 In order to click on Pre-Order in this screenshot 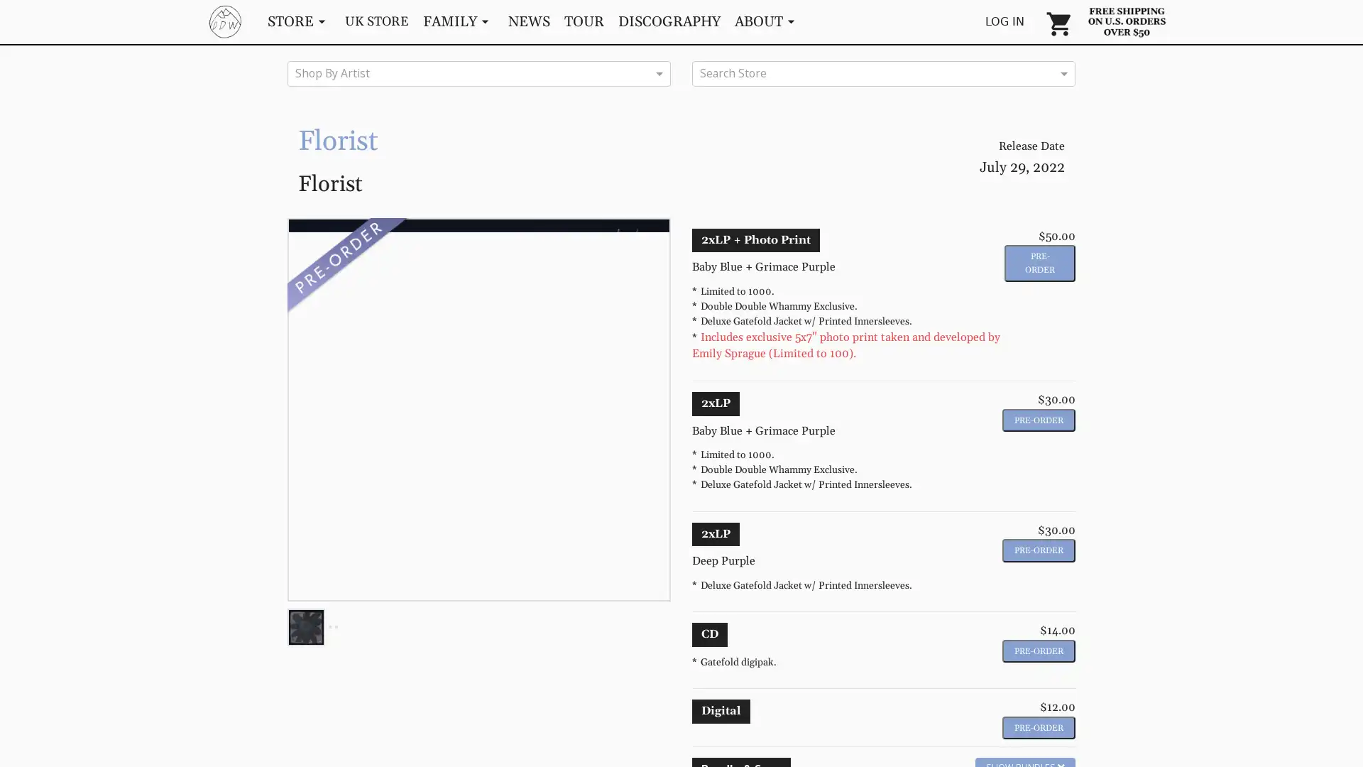, I will do `click(1039, 727)`.